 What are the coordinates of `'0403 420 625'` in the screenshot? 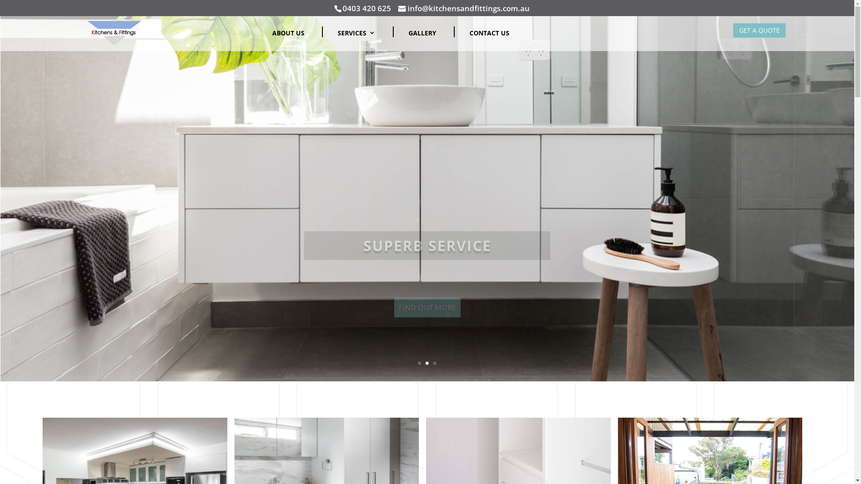 It's located at (366, 8).